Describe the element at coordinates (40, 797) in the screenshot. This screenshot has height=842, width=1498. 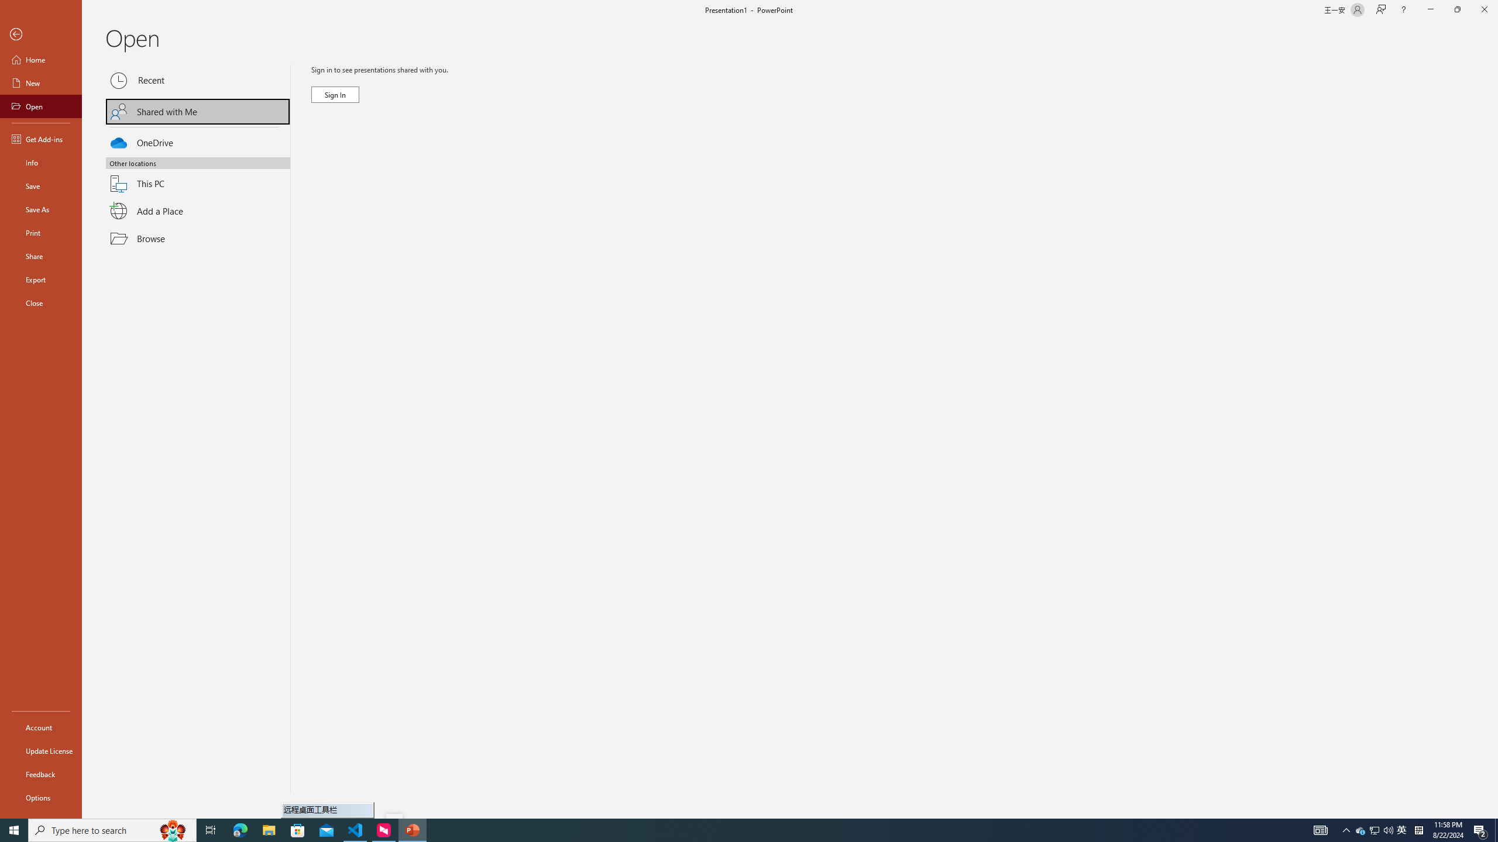
I see `'Options'` at that location.